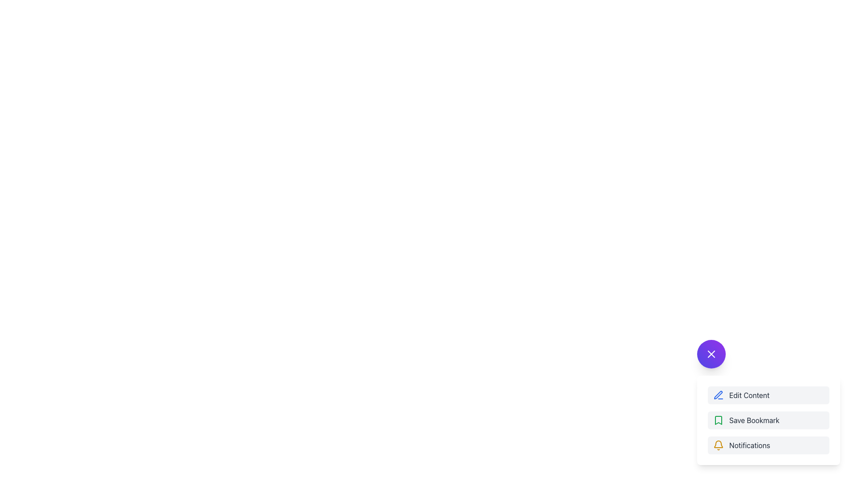 This screenshot has height=483, width=858. I want to click on the second button in the card layout, so click(768, 420).